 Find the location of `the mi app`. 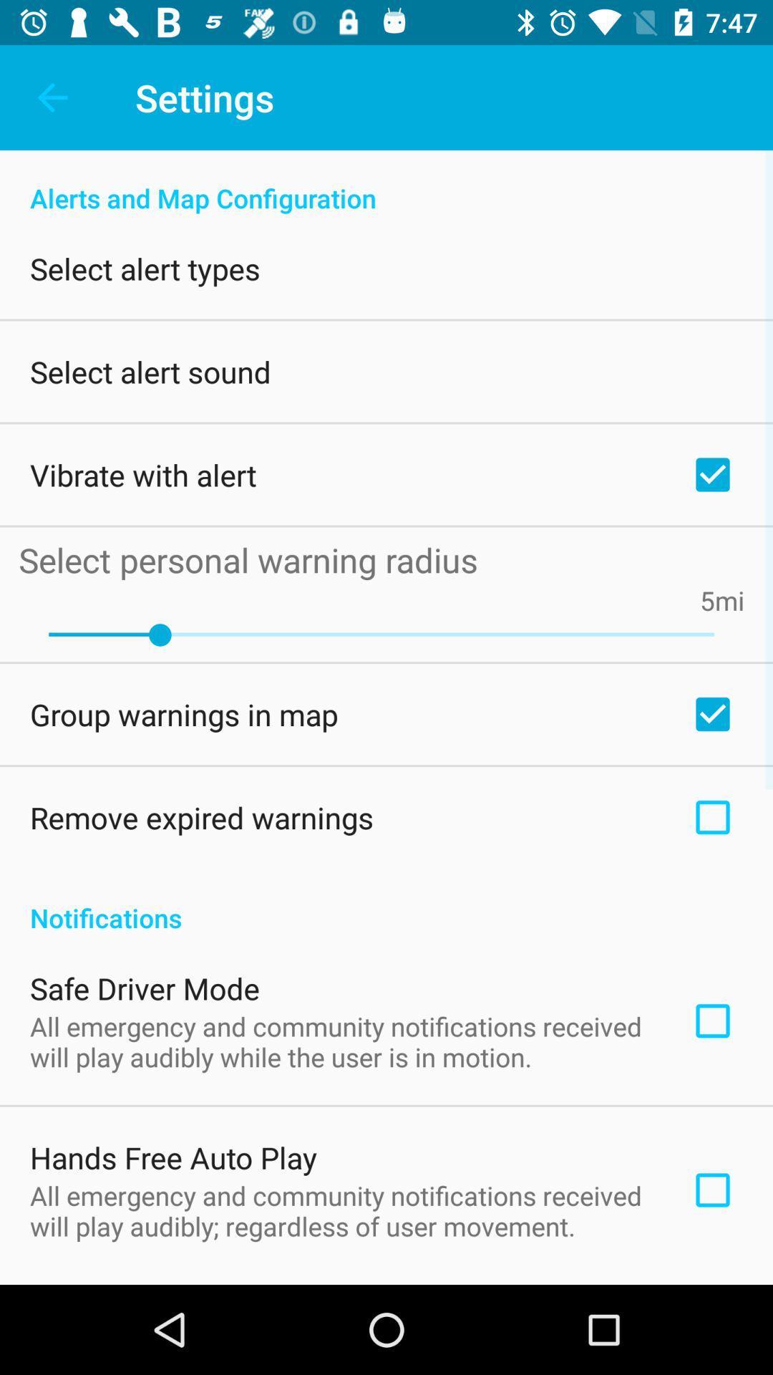

the mi app is located at coordinates (729, 600).